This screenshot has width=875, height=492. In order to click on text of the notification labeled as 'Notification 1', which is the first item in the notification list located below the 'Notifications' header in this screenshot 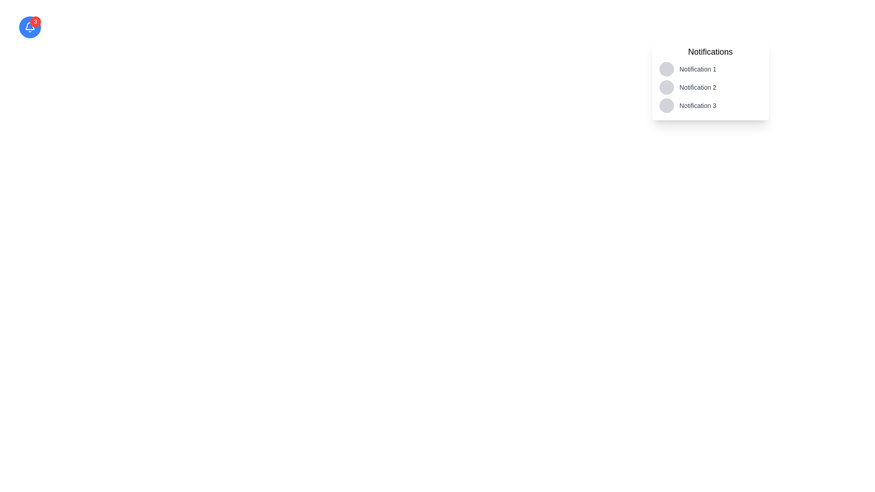, I will do `click(710, 68)`.